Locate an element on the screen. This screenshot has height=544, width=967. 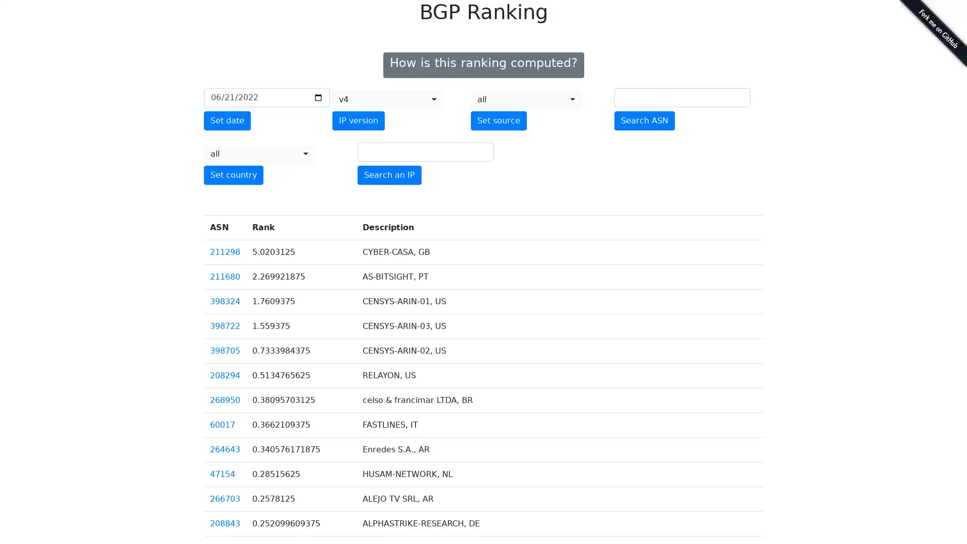
Set date is located at coordinates (227, 120).